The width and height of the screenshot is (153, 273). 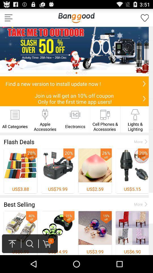 I want to click on website name, so click(x=76, y=18).